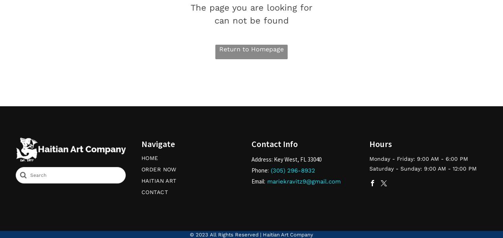 The image size is (503, 238). Describe the element at coordinates (260, 170) in the screenshot. I see `'Phone:'` at that location.